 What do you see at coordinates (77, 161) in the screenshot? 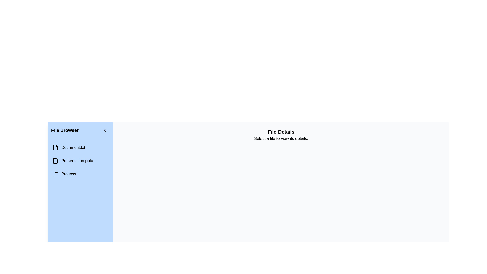
I see `the text label indicating the file 'Presentation.pptx' in the File Browser section` at bounding box center [77, 161].